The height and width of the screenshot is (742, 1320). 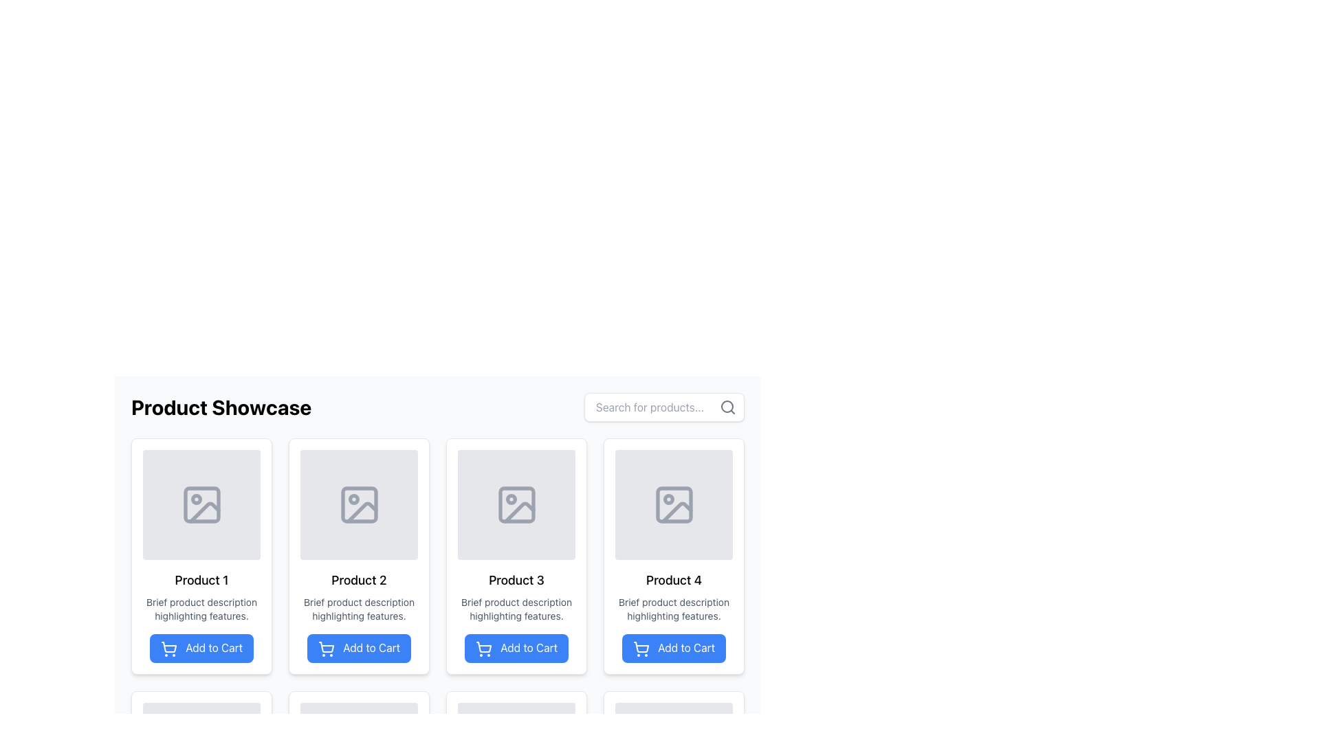 I want to click on Circle SVG element that represents the lens of the magnifying glass icon located at the top-right corner of the search bar area, so click(x=726, y=405).